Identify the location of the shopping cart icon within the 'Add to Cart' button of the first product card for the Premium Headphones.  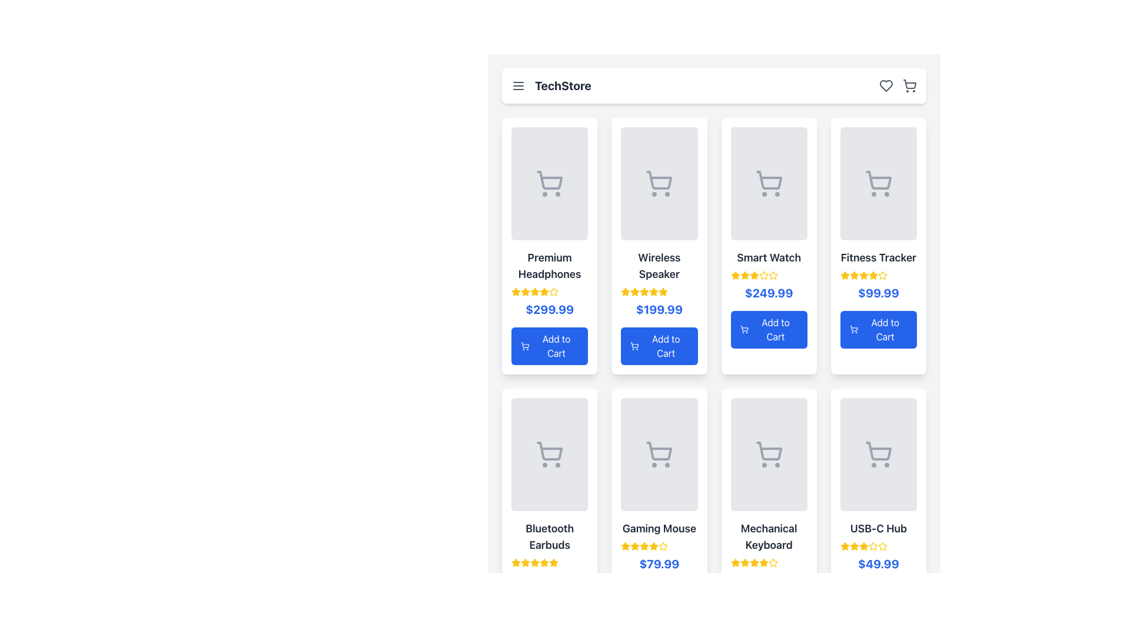
(524, 344).